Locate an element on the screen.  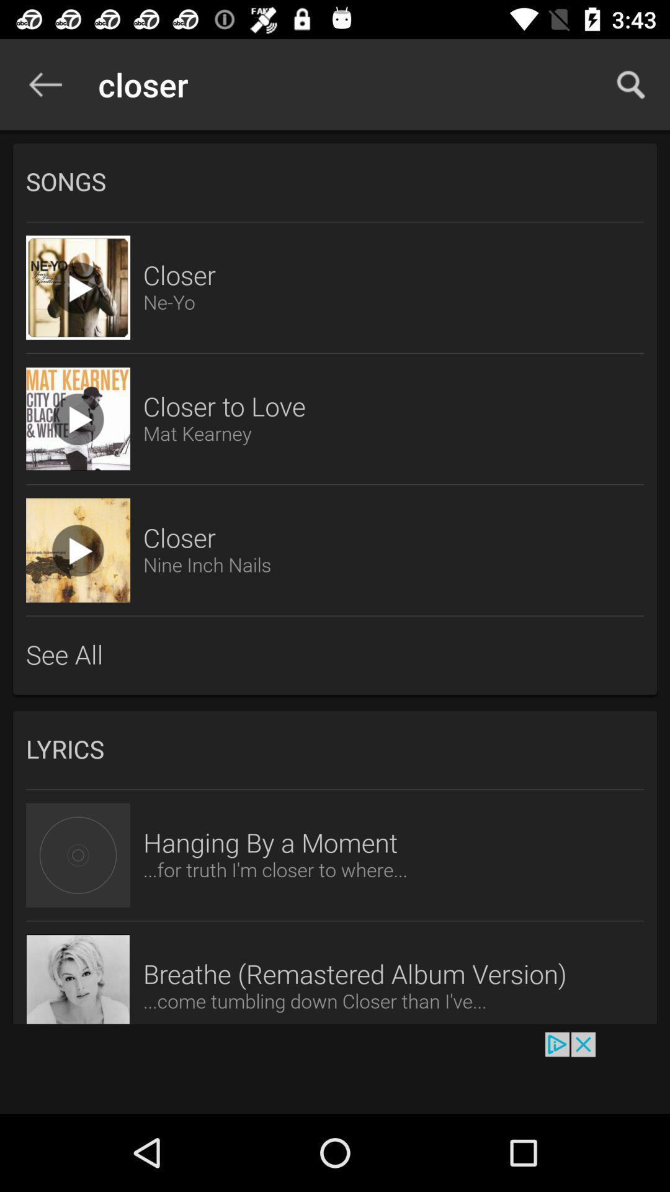
choose song is located at coordinates (78, 419).